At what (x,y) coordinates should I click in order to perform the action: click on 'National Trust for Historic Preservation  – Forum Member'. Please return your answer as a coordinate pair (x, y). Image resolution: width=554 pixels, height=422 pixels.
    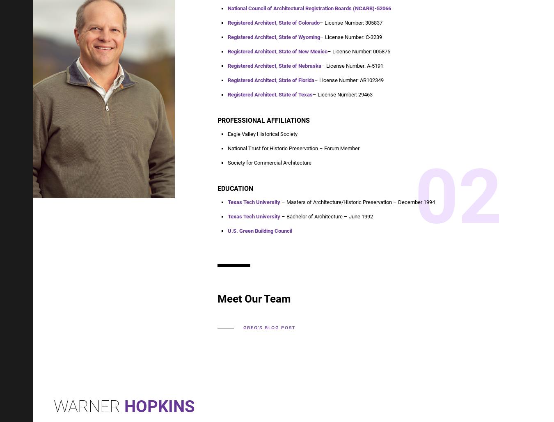
    Looking at the image, I should click on (293, 148).